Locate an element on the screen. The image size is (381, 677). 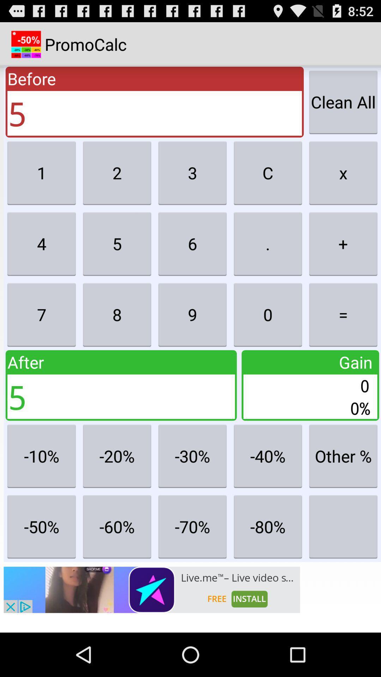
the last text at the right bottom is located at coordinates (343, 526).